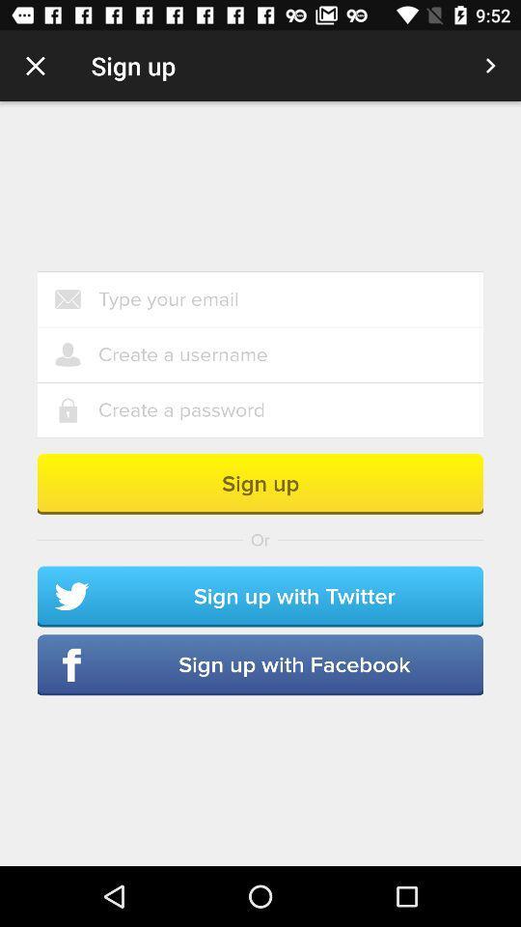 The height and width of the screenshot is (927, 521). Describe the element at coordinates (490, 66) in the screenshot. I see `the icon next to the sign up icon` at that location.